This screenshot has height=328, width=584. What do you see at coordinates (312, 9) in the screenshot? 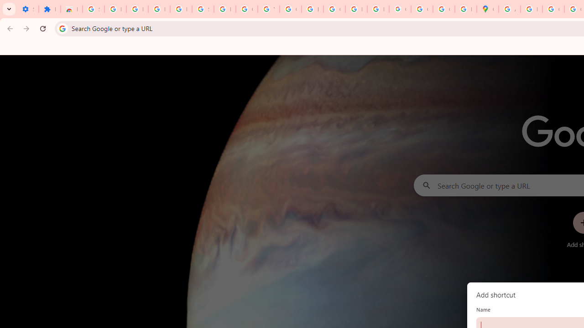
I see `'https://scholar.google.com/'` at bounding box center [312, 9].